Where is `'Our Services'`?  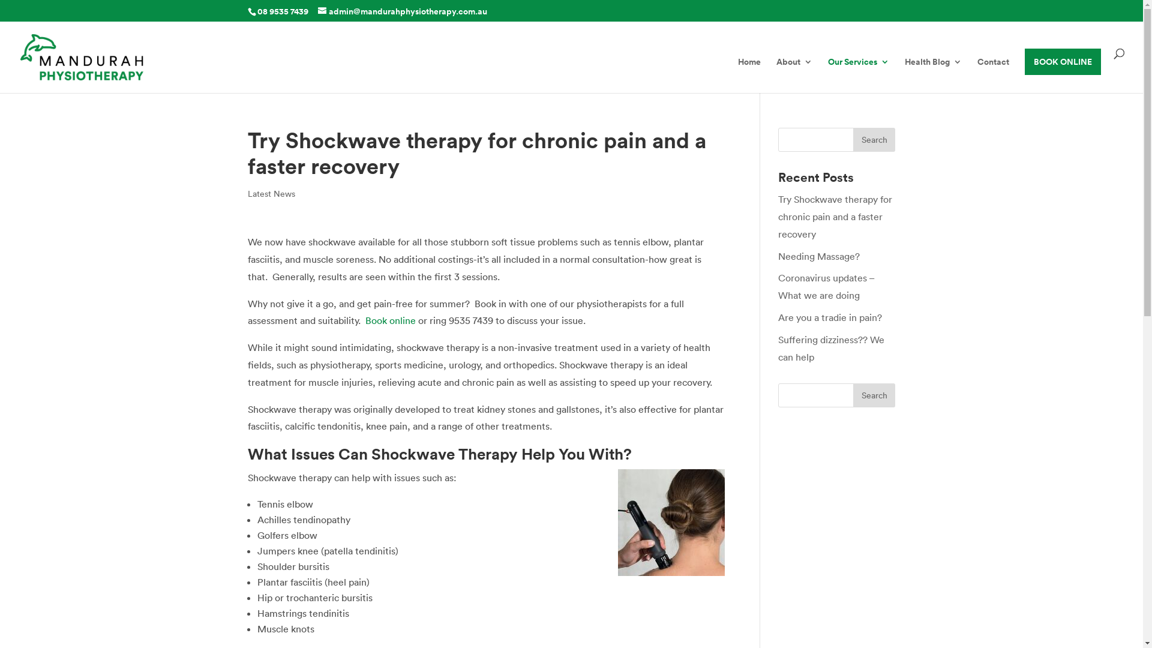 'Our Services' is located at coordinates (827, 75).